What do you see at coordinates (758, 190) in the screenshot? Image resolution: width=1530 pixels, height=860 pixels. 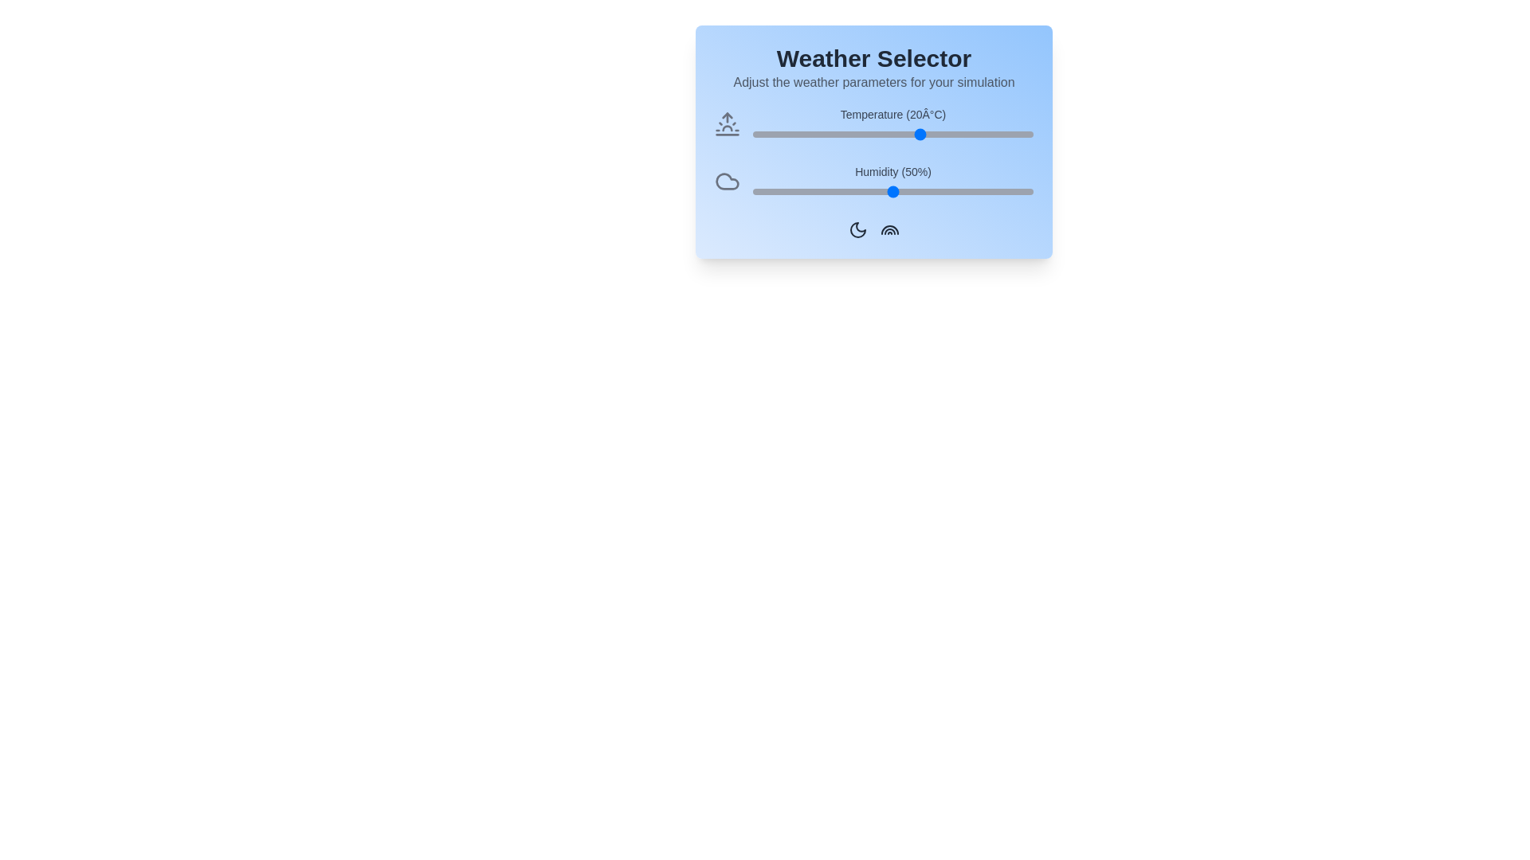 I see `the humidity slider to 2%` at bounding box center [758, 190].